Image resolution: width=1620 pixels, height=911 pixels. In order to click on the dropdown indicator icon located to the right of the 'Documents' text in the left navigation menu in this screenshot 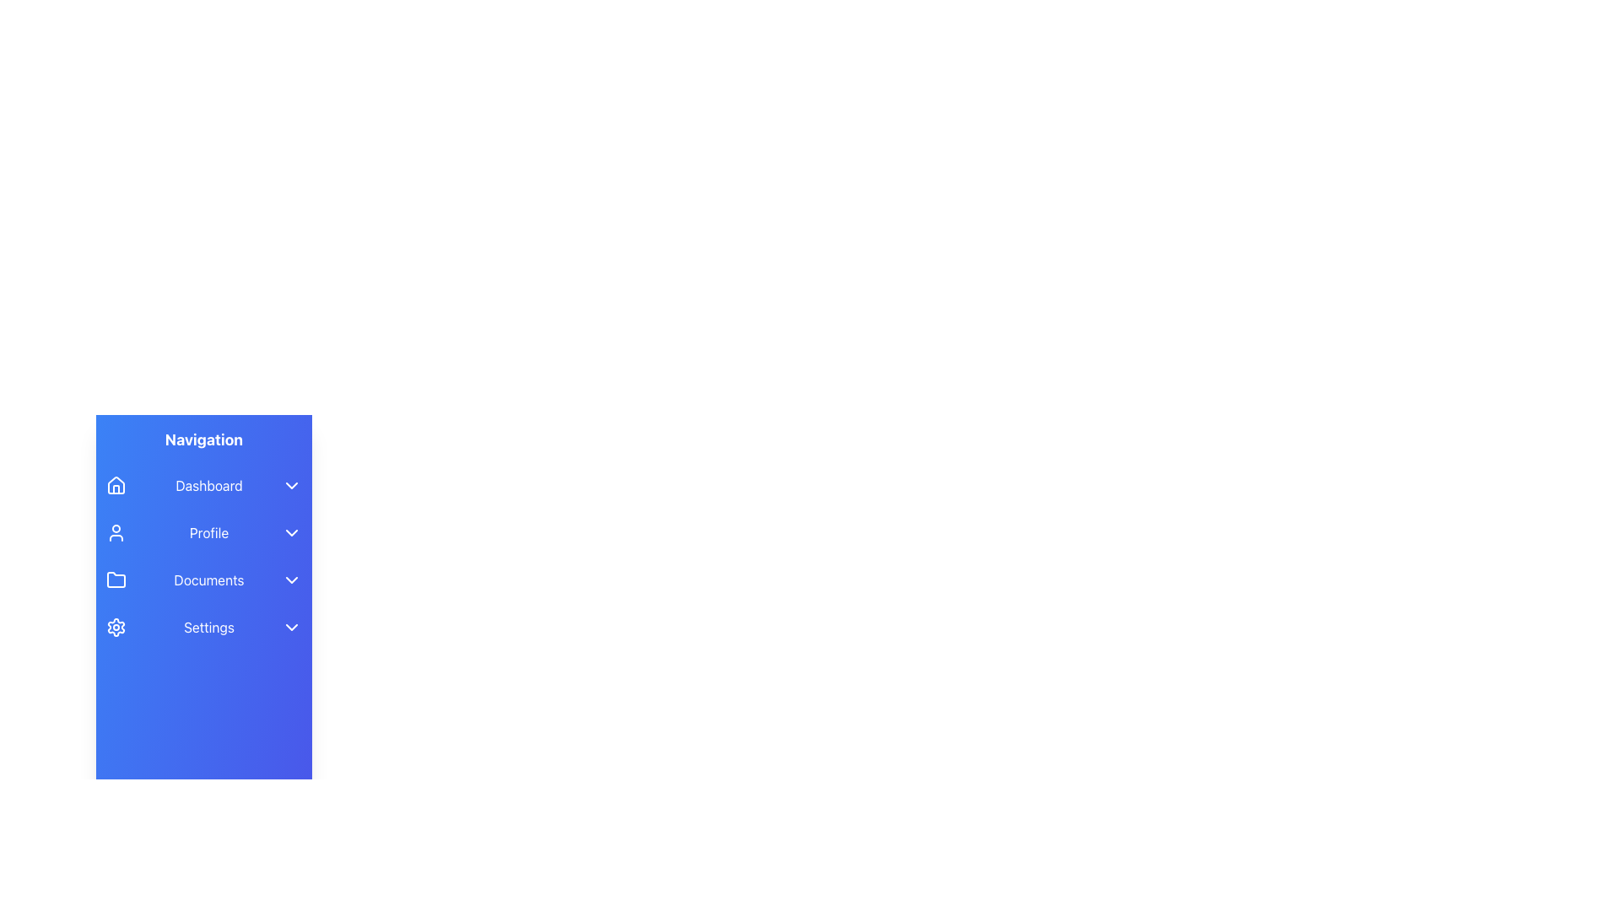, I will do `click(291, 579)`.